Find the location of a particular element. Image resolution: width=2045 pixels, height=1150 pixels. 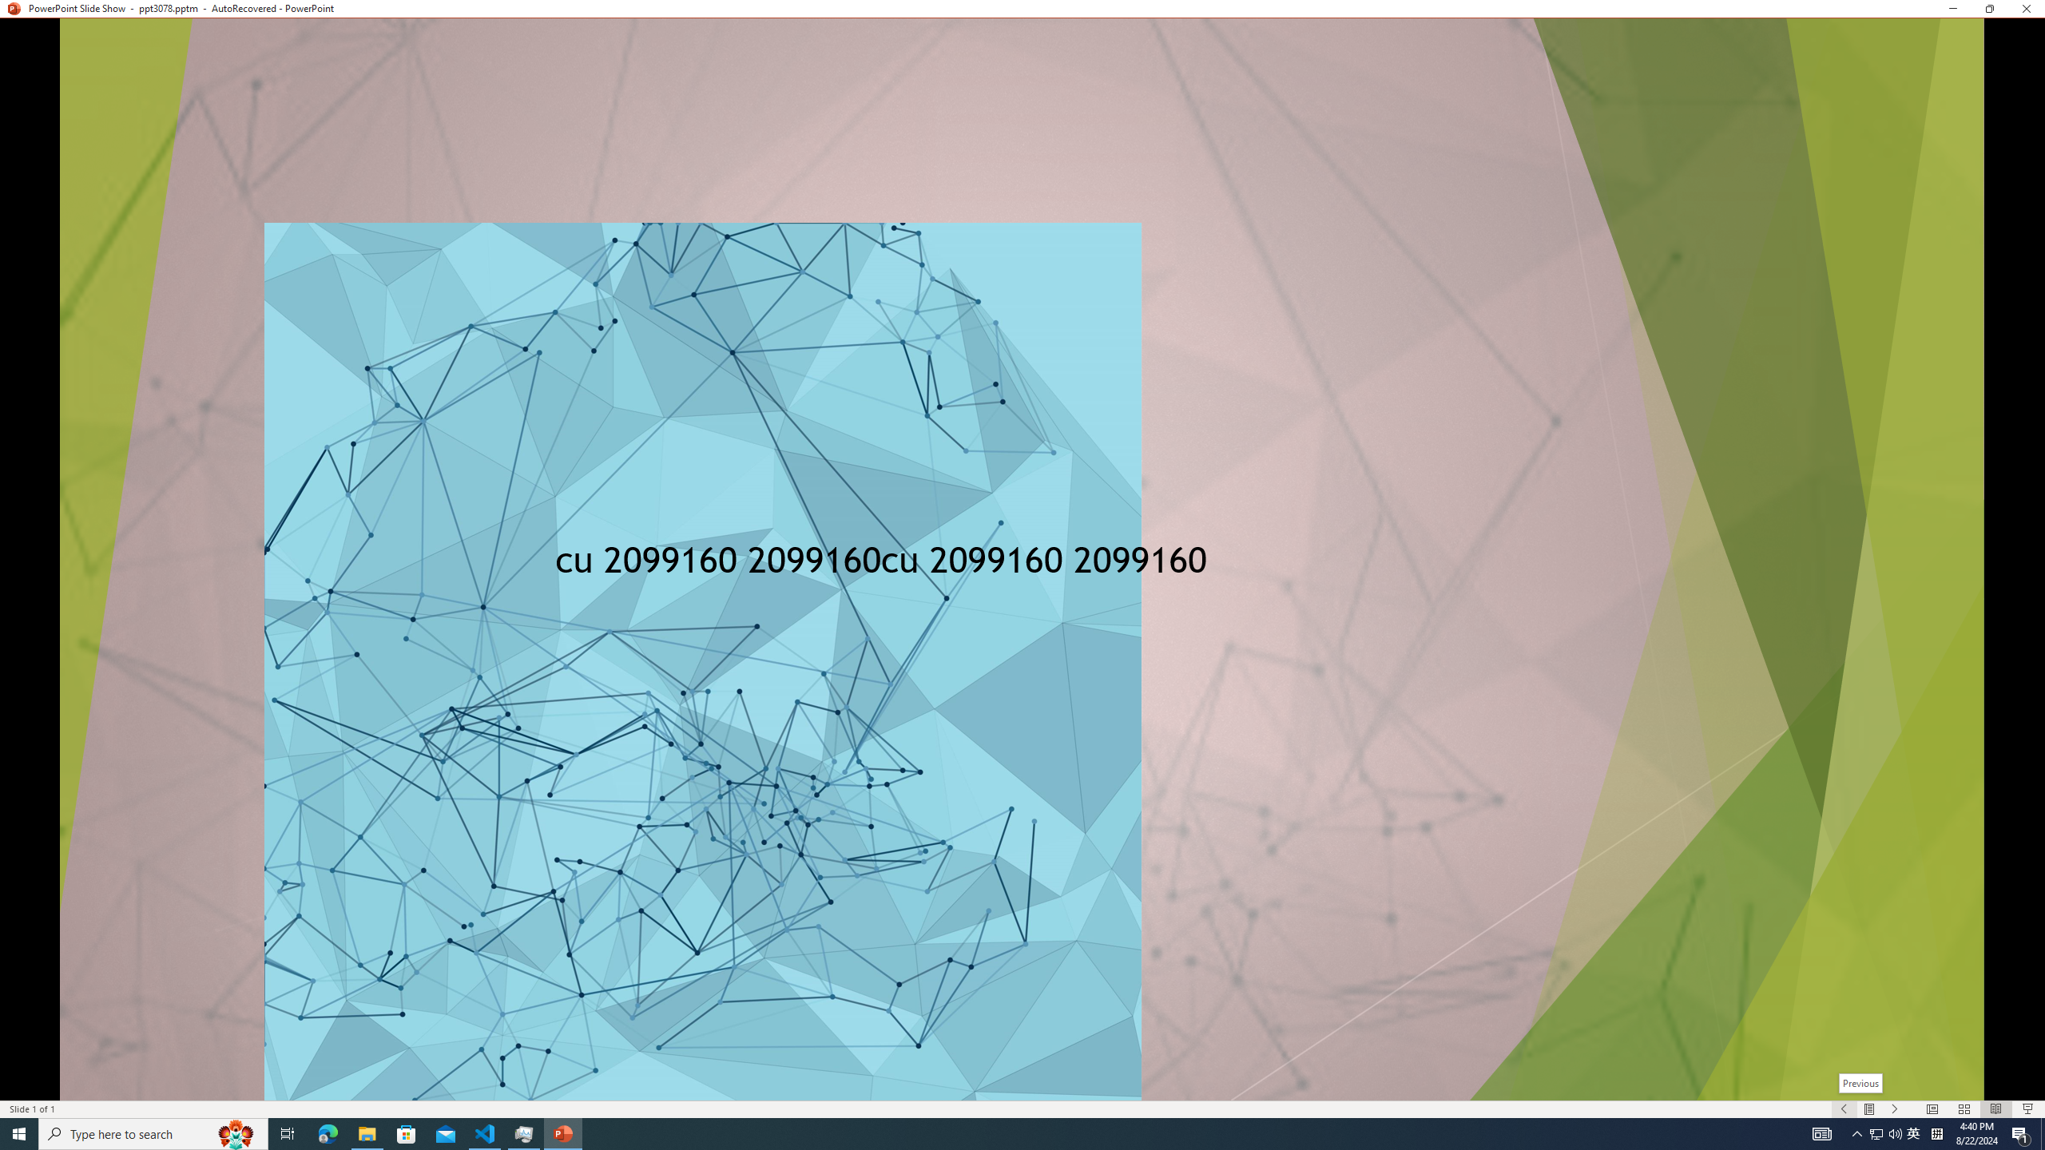

'Slide Show Next On' is located at coordinates (1895, 1109).